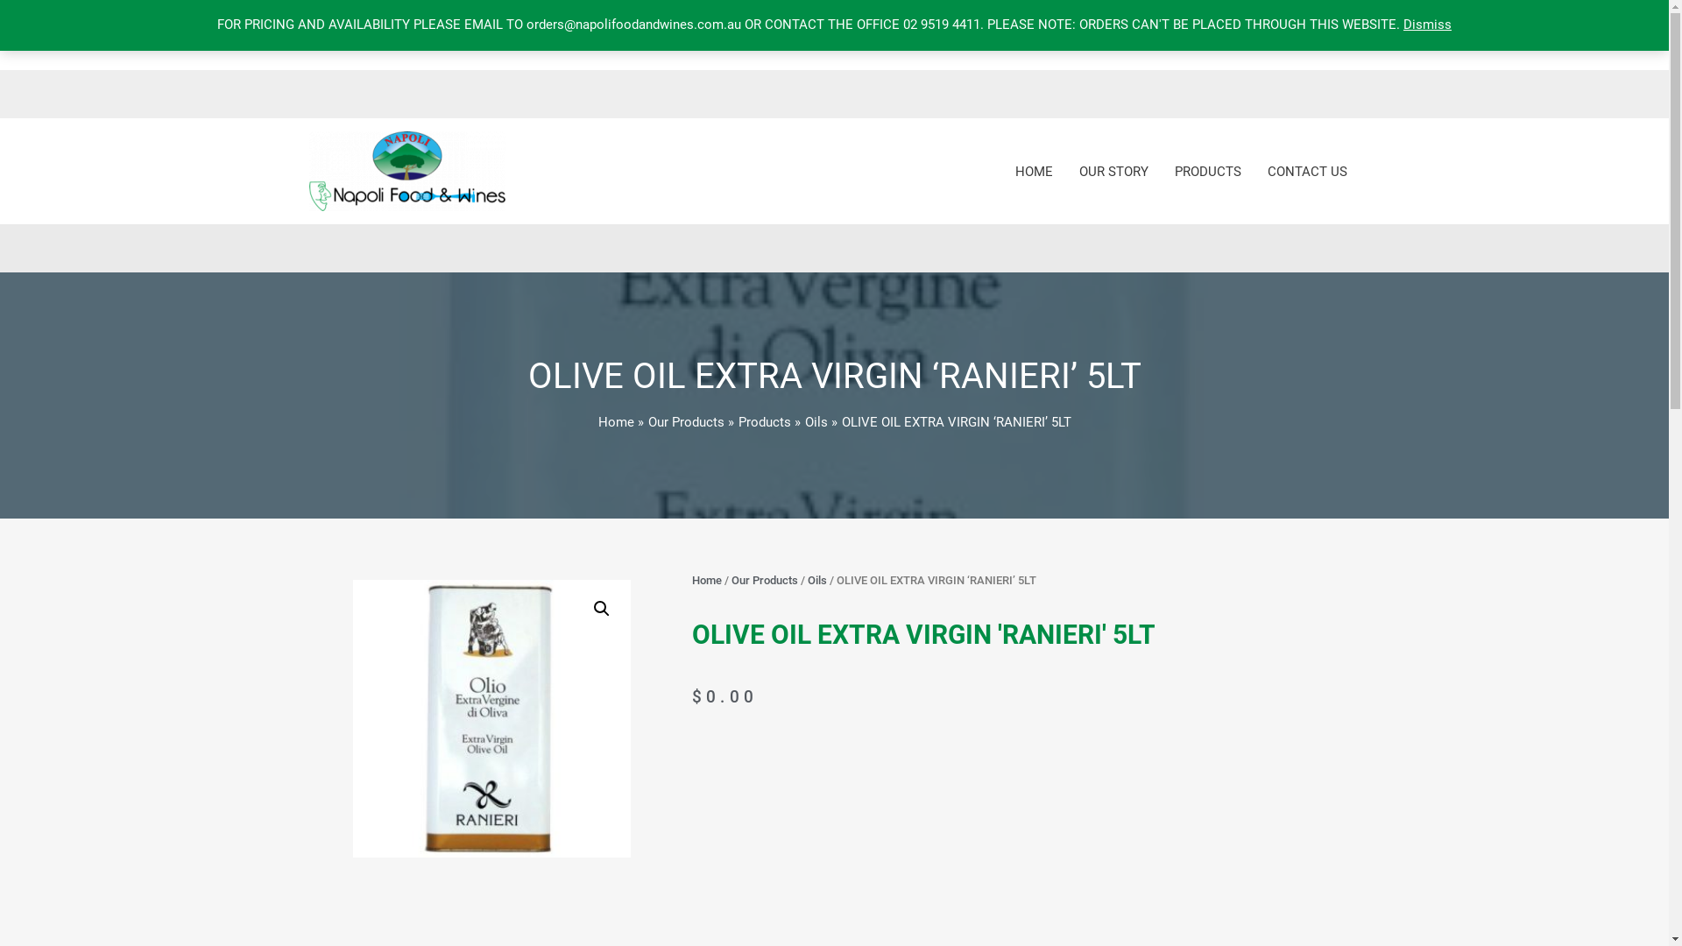 This screenshot has width=1682, height=946. What do you see at coordinates (1034, 171) in the screenshot?
I see `'HOME'` at bounding box center [1034, 171].